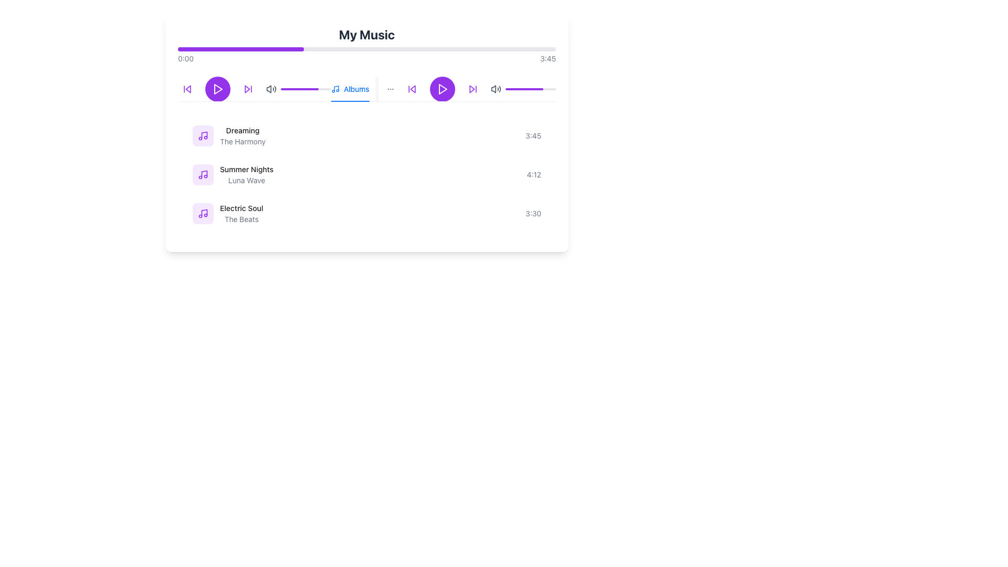  Describe the element at coordinates (443, 88) in the screenshot. I see `the play button in the music player's control bar to observe the darkening color effect` at that location.